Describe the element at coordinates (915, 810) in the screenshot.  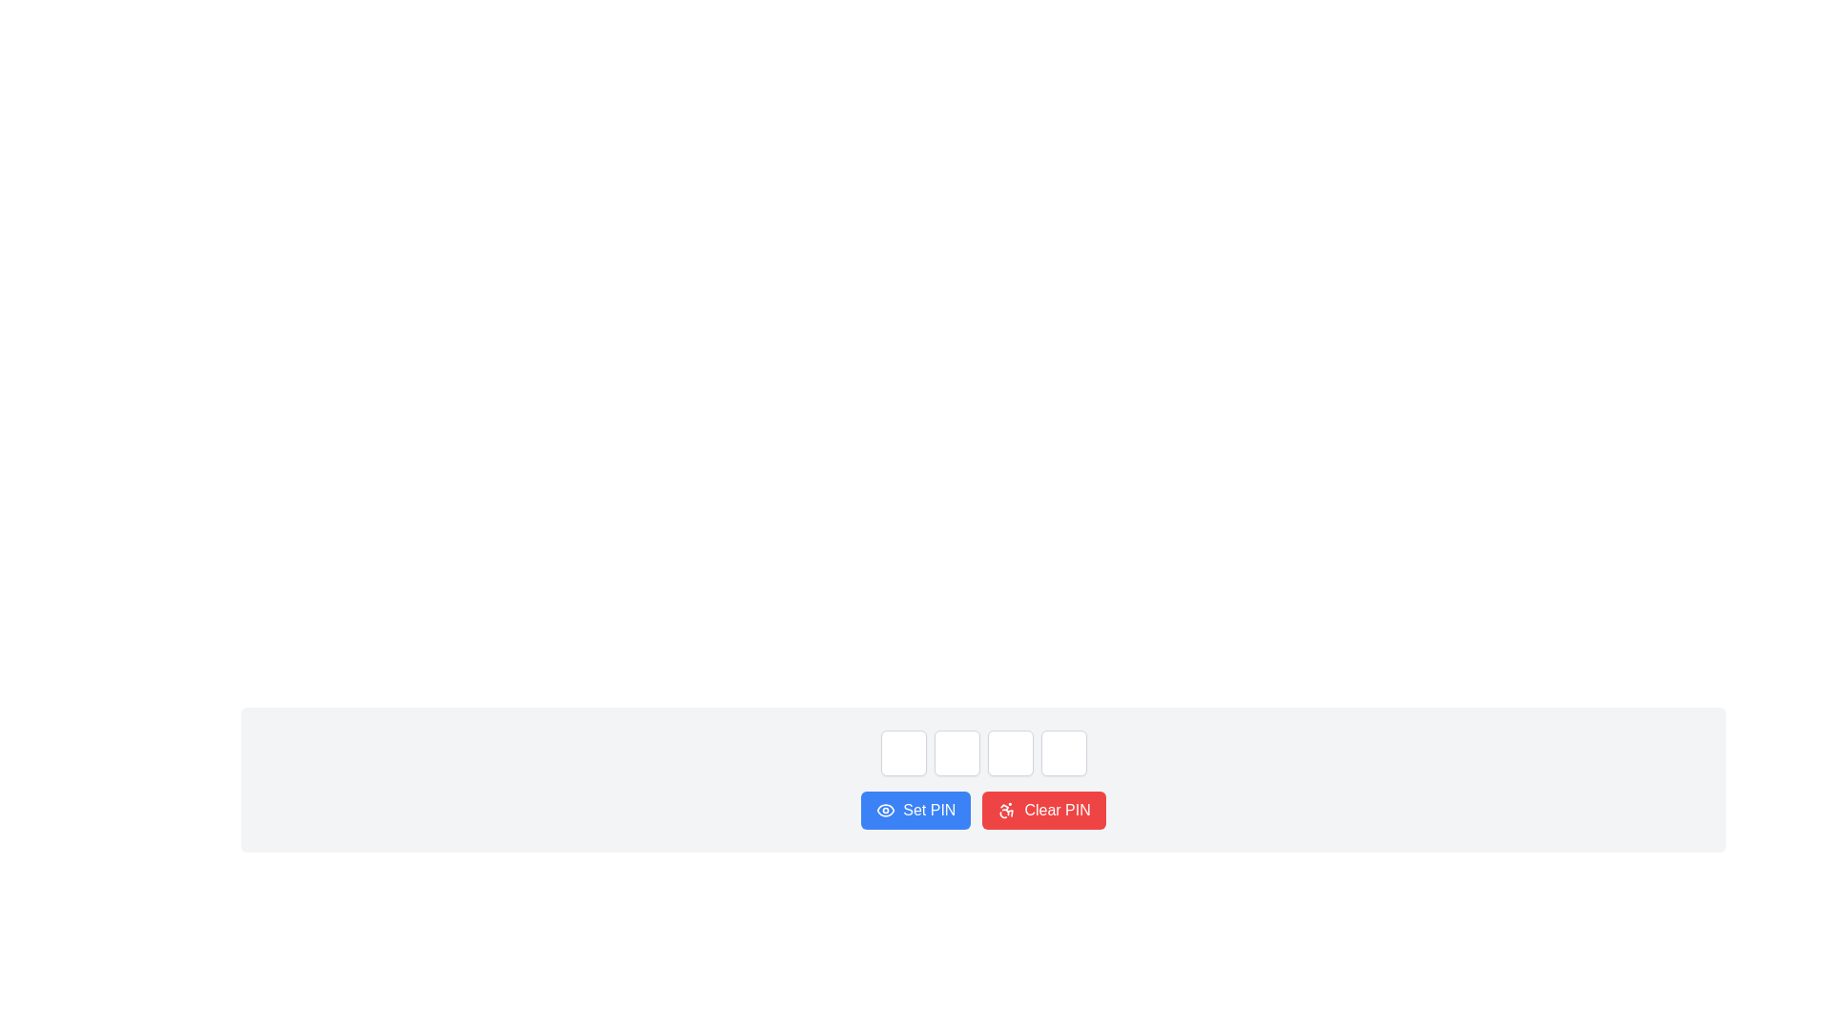
I see `the 'Set PIN' button, which has a blue background and white text, to trigger the hover effect` at that location.